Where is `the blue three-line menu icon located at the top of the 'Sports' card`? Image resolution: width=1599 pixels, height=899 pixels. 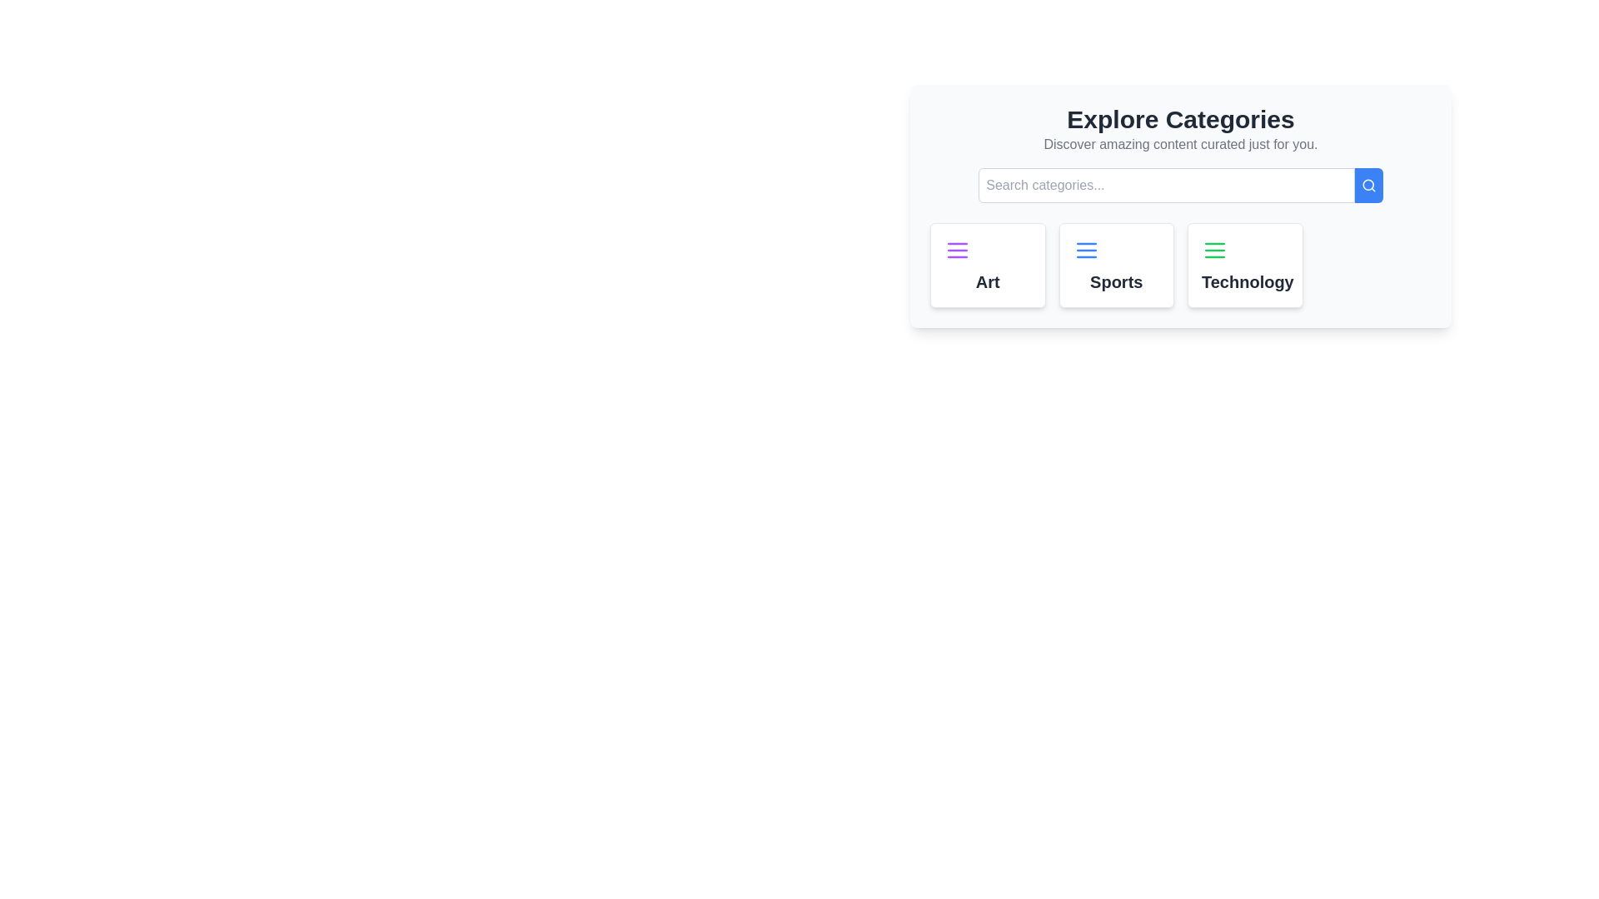
the blue three-line menu icon located at the top of the 'Sports' card is located at coordinates (1086, 250).